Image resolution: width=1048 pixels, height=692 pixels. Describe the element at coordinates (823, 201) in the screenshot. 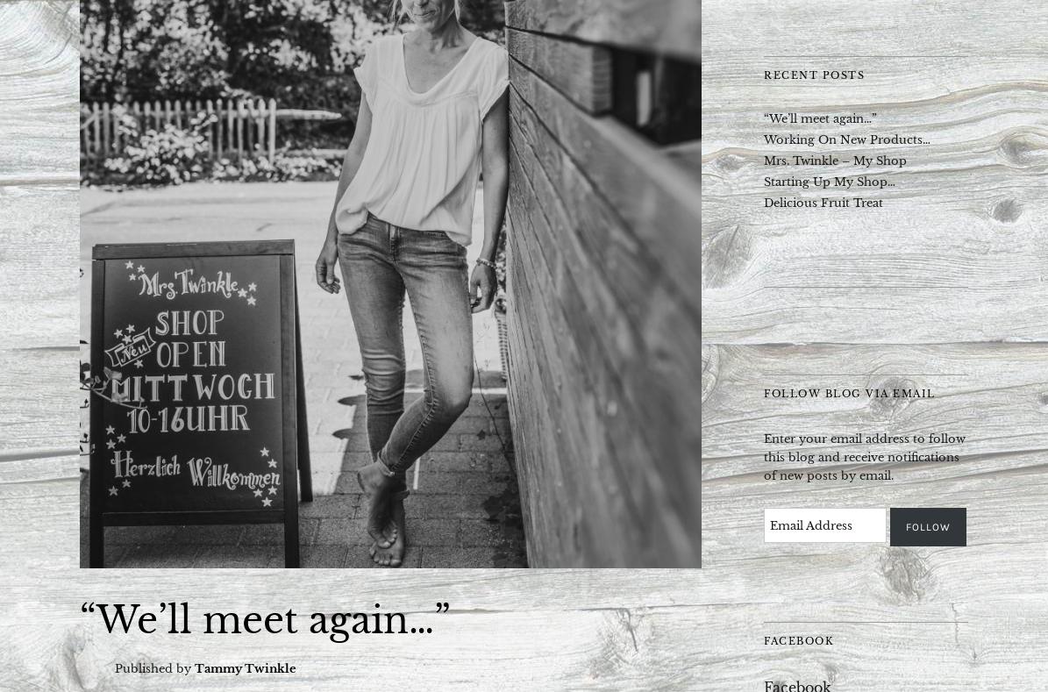

I see `'Delicious Fruit Treat'` at that location.